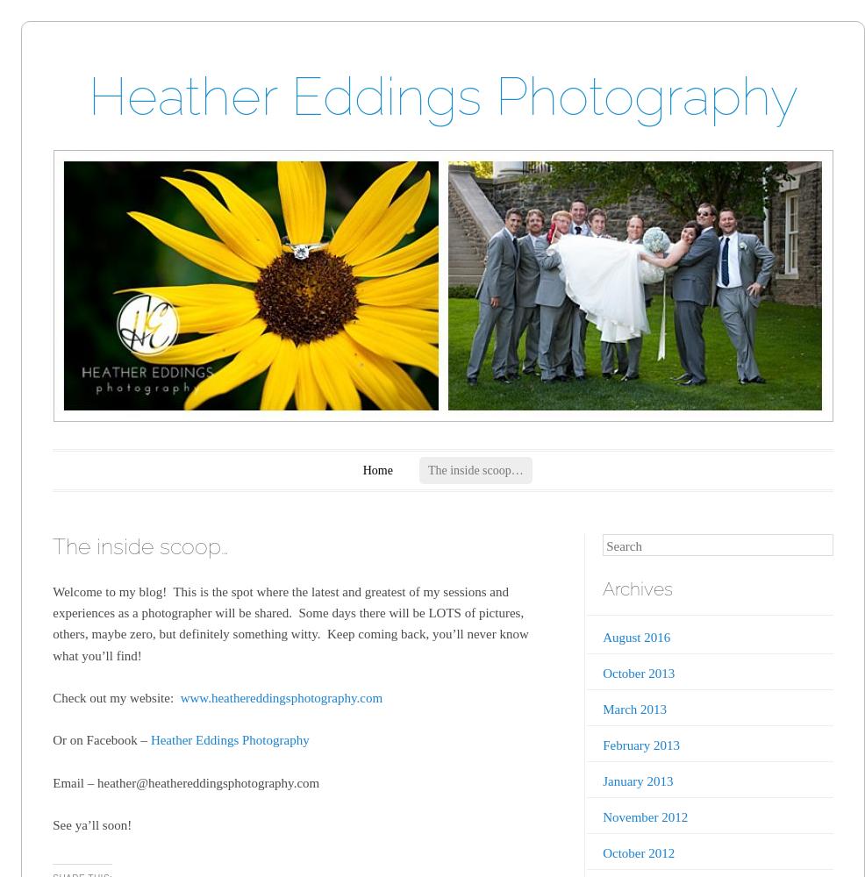 The image size is (865, 877). What do you see at coordinates (92, 824) in the screenshot?
I see `'See ya’ll soon!'` at bounding box center [92, 824].